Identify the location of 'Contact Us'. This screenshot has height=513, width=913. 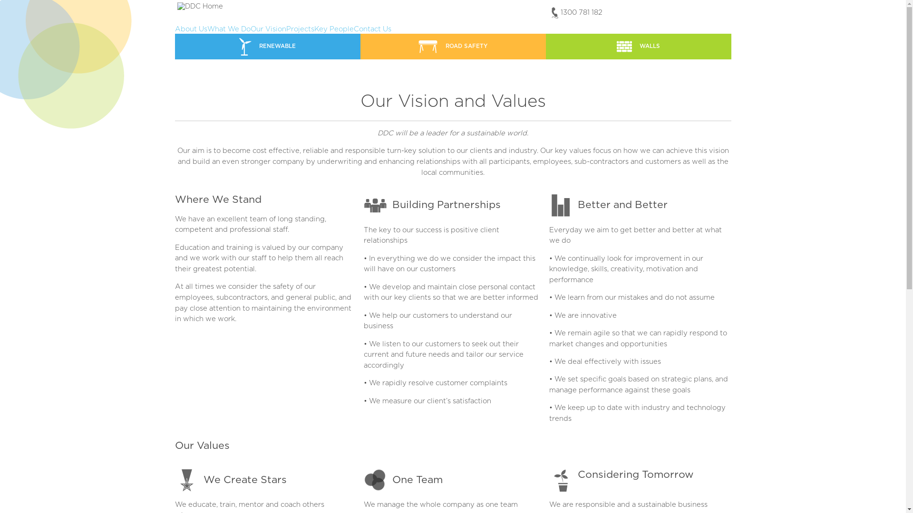
(372, 28).